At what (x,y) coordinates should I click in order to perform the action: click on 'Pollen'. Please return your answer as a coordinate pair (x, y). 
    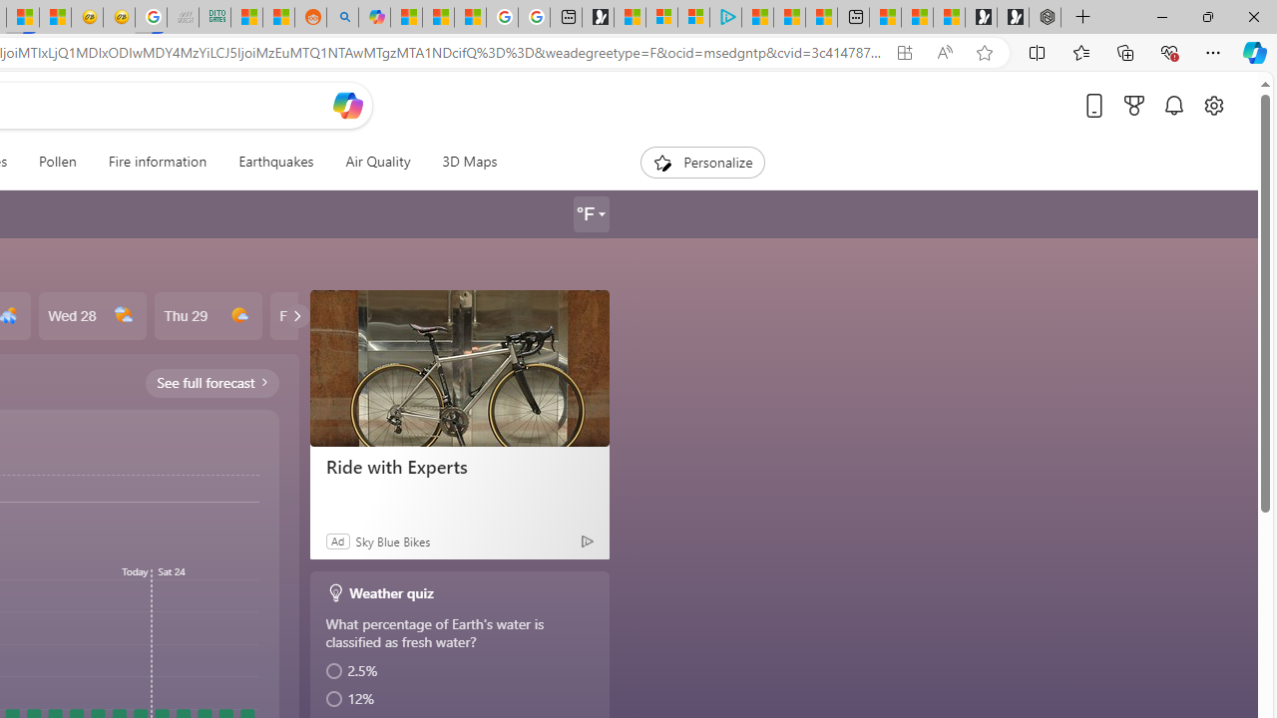
    Looking at the image, I should click on (58, 162).